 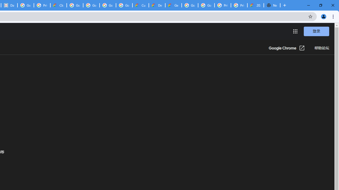 What do you see at coordinates (272, 5) in the screenshot?
I see `'New Tab'` at bounding box center [272, 5].